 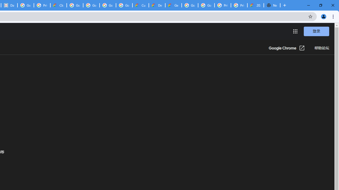 What do you see at coordinates (272, 5) in the screenshot?
I see `'New Tab'` at bounding box center [272, 5].